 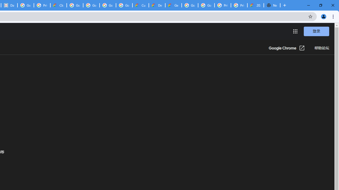 What do you see at coordinates (272, 5) in the screenshot?
I see `'New Tab'` at bounding box center [272, 5].